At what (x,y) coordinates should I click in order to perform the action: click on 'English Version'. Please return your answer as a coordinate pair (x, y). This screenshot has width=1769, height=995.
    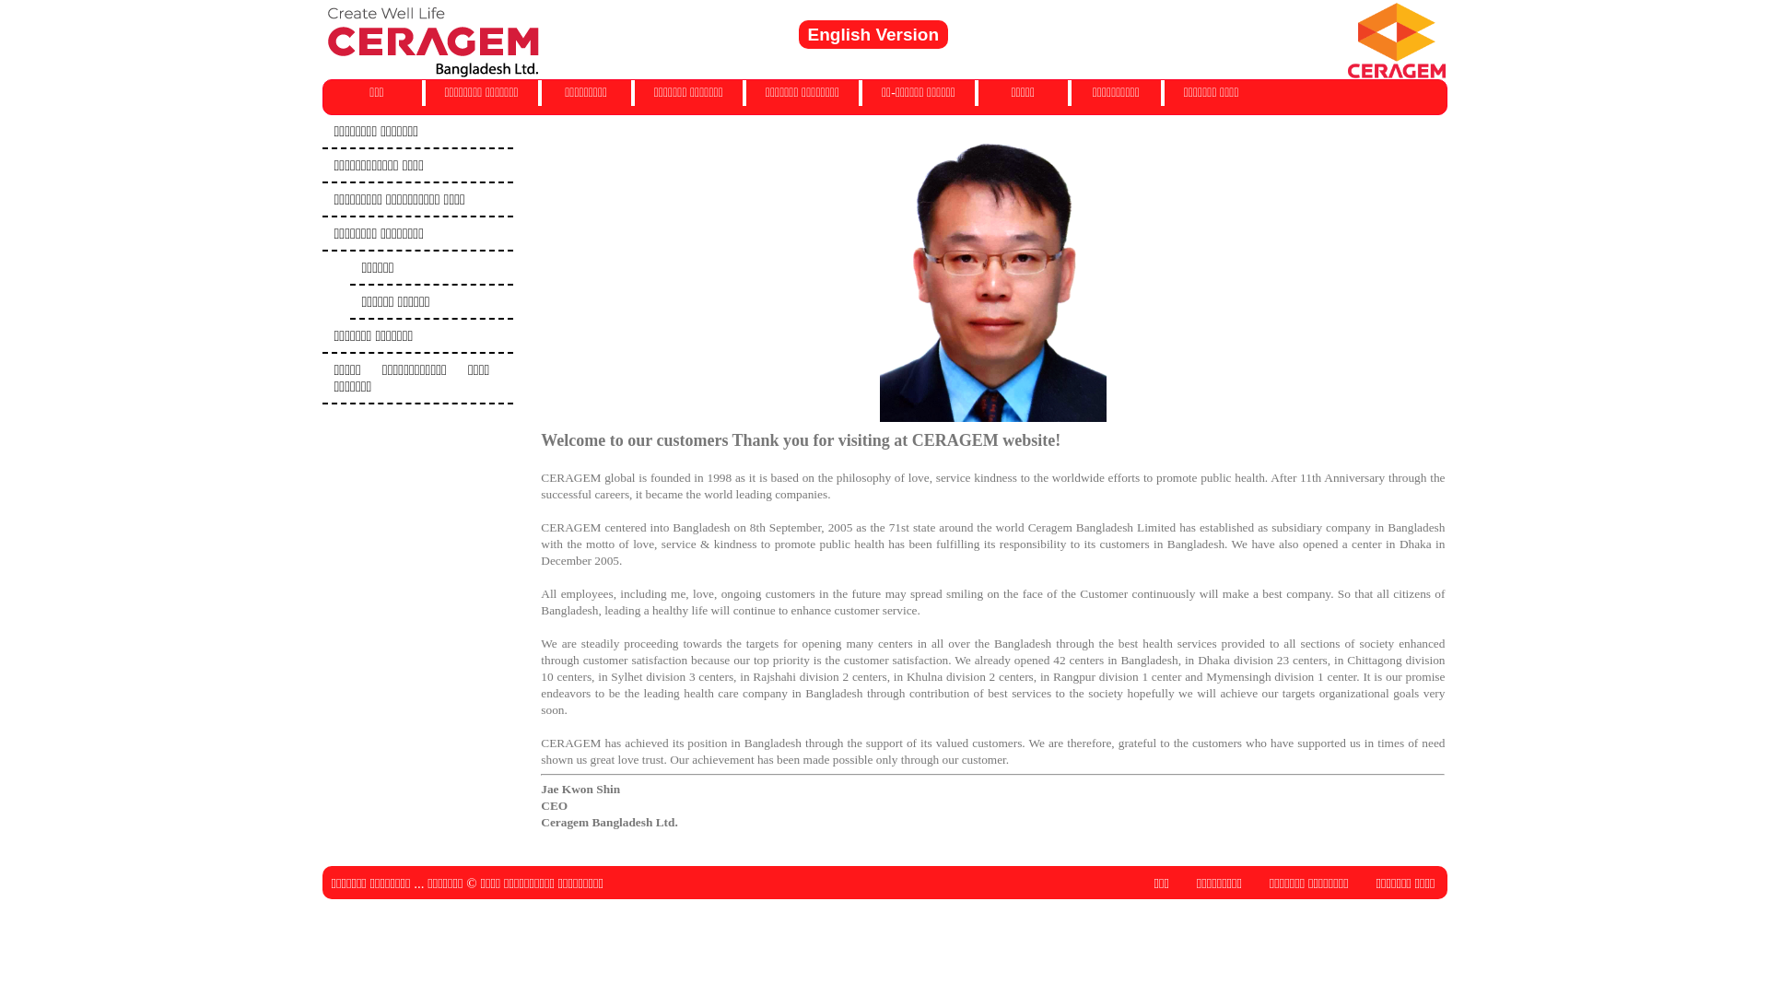
    Looking at the image, I should click on (797, 34).